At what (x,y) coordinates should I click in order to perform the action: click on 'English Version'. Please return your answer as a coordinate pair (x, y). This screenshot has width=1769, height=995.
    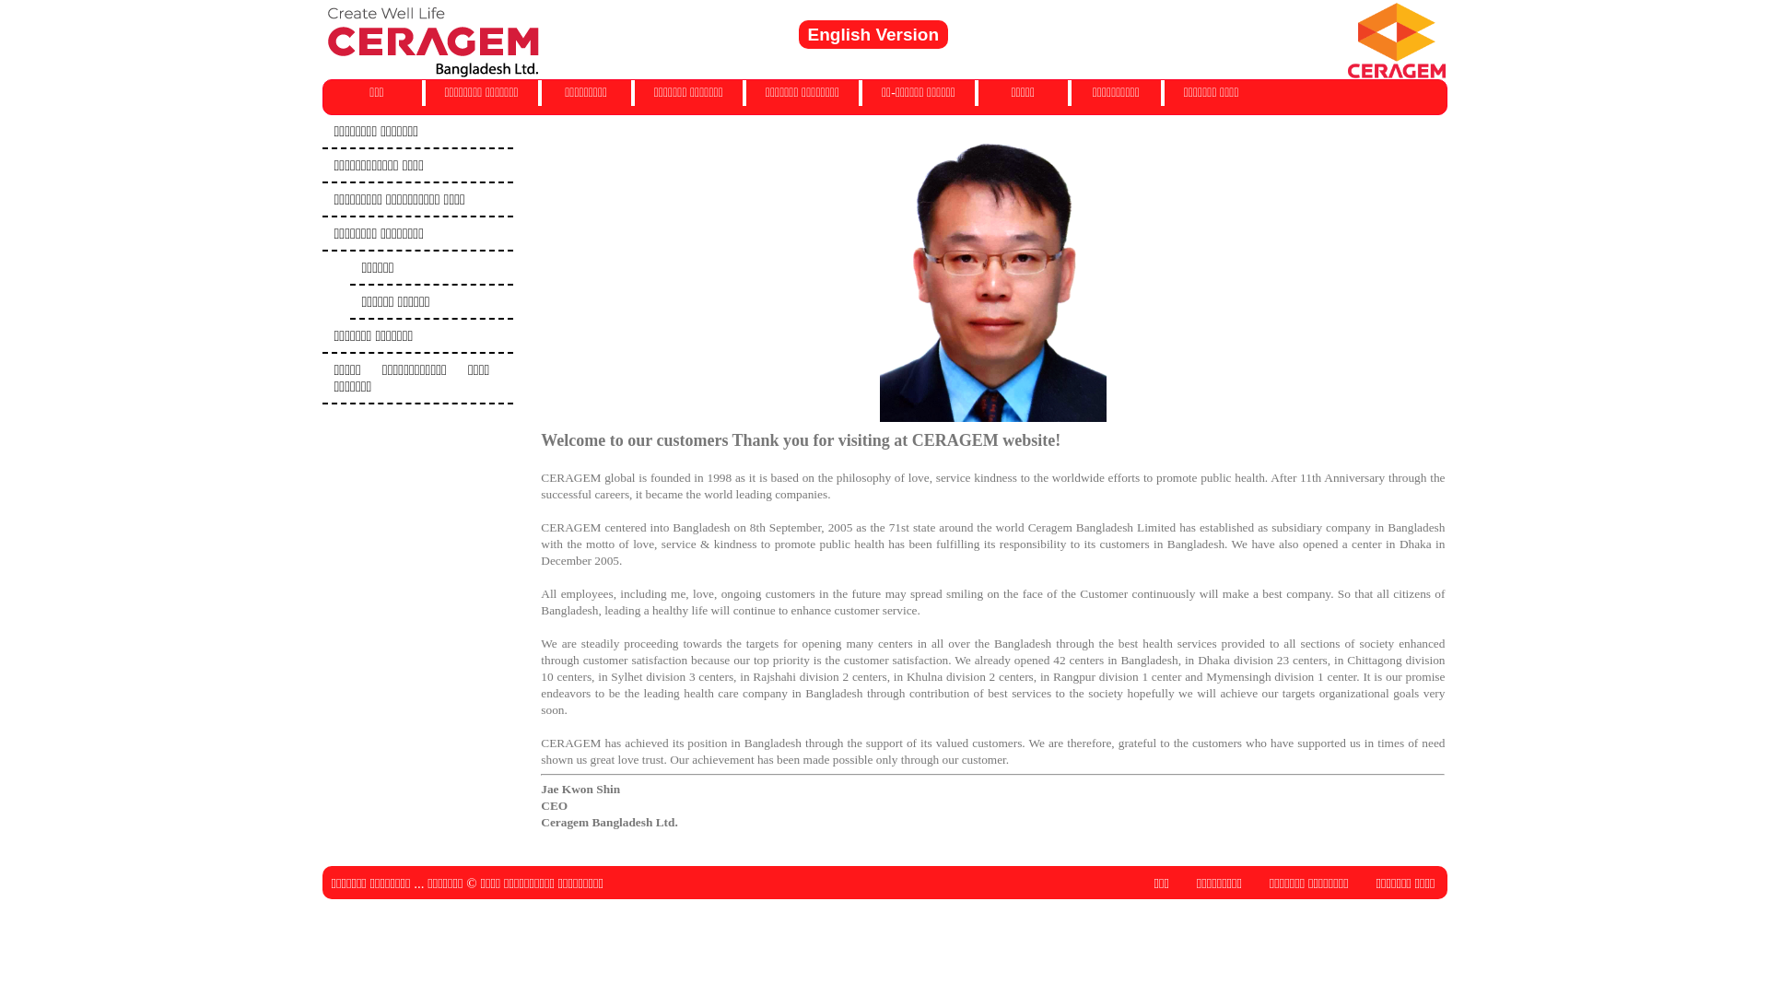
    Looking at the image, I should click on (797, 34).